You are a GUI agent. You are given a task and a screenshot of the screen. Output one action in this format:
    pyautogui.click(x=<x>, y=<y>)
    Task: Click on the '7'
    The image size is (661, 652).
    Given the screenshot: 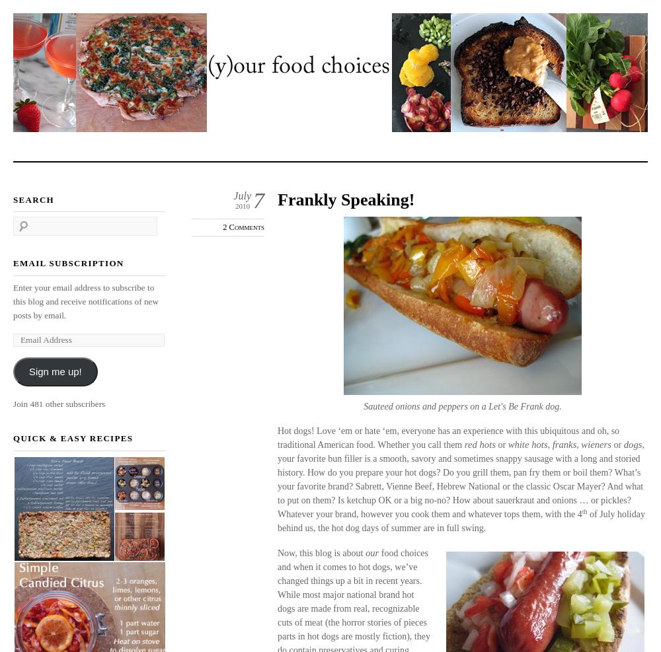 What is the action you would take?
    pyautogui.click(x=258, y=199)
    